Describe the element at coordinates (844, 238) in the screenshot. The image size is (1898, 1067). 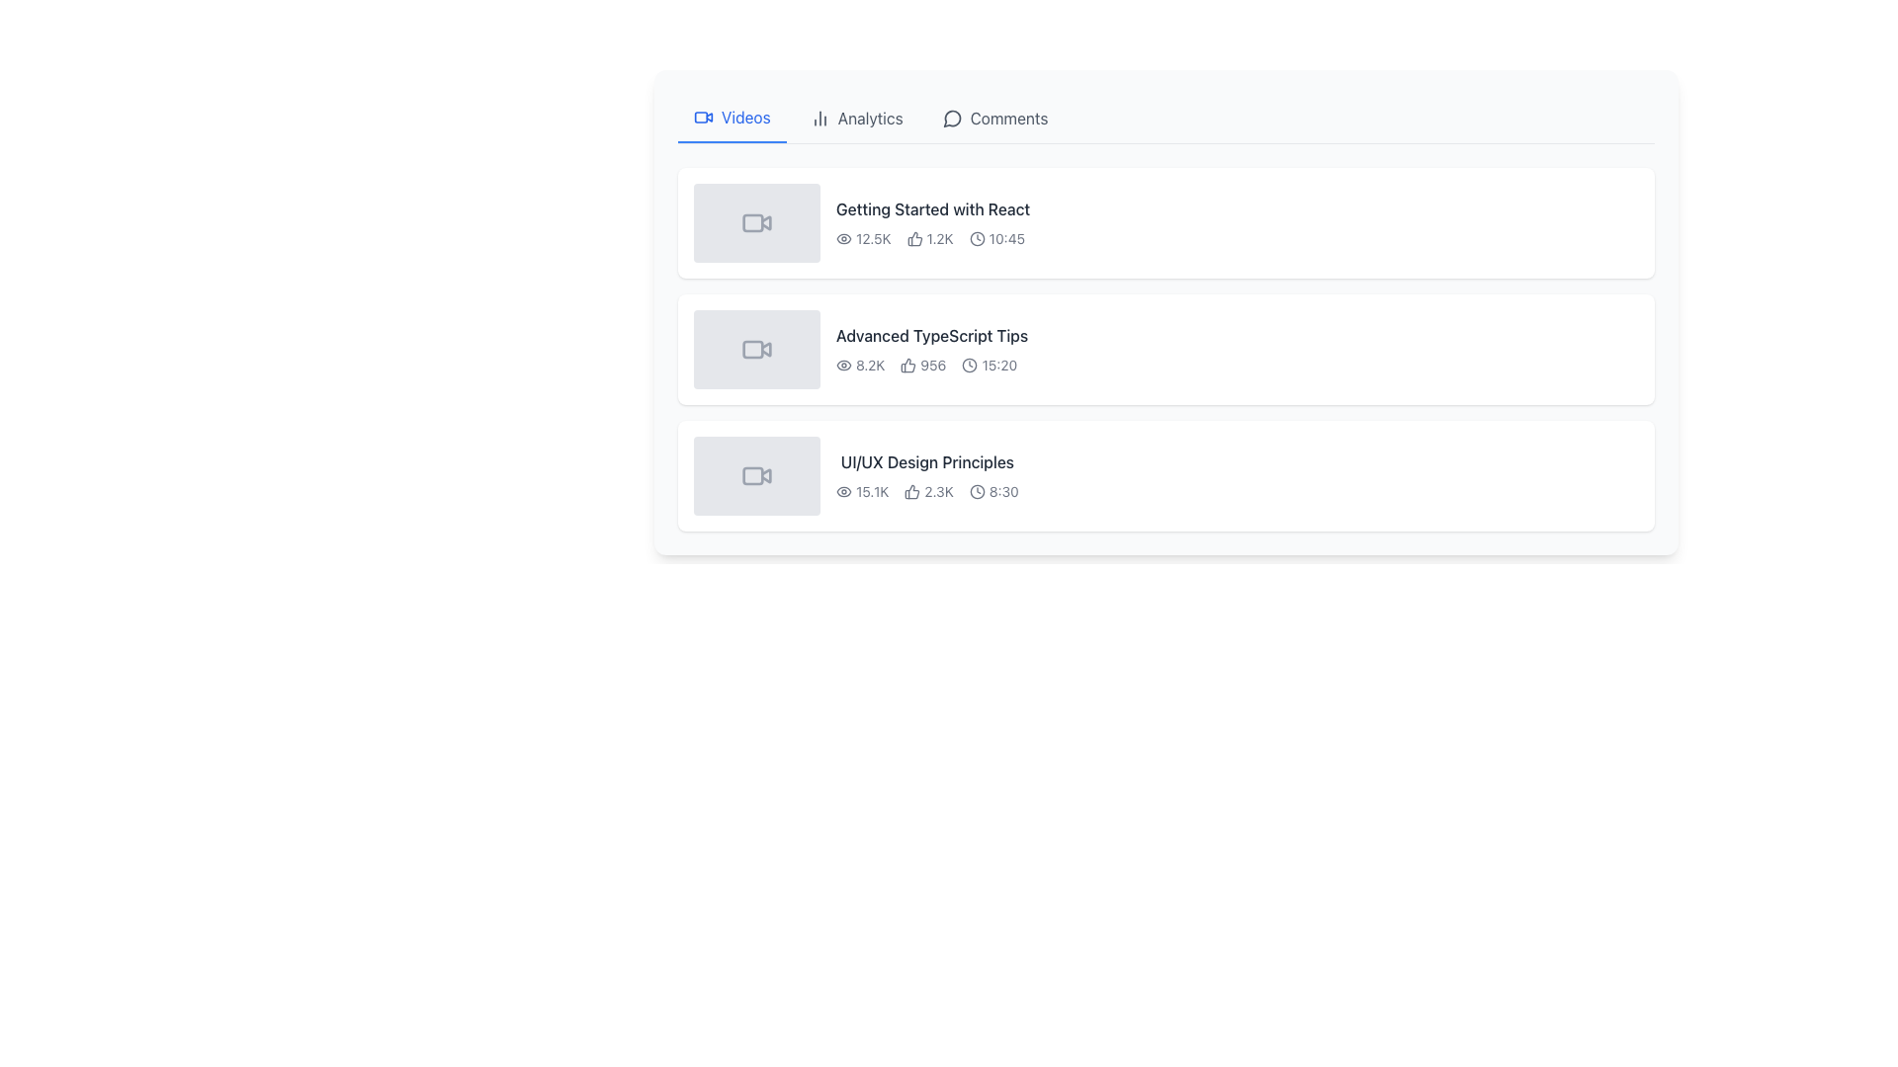
I see `the views icon located to the left of the '12.5K' text in the first video entry titled 'Getting Started with React'` at that location.